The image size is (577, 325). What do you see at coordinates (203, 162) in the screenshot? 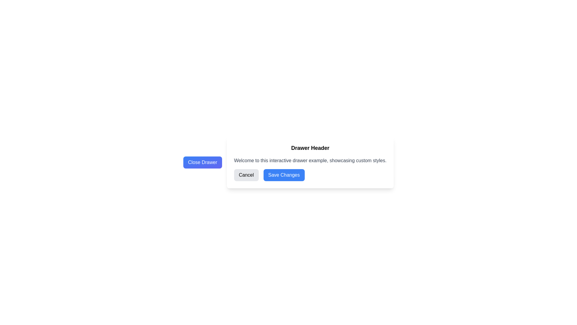
I see `the close button located on the left side of the drawer header` at bounding box center [203, 162].